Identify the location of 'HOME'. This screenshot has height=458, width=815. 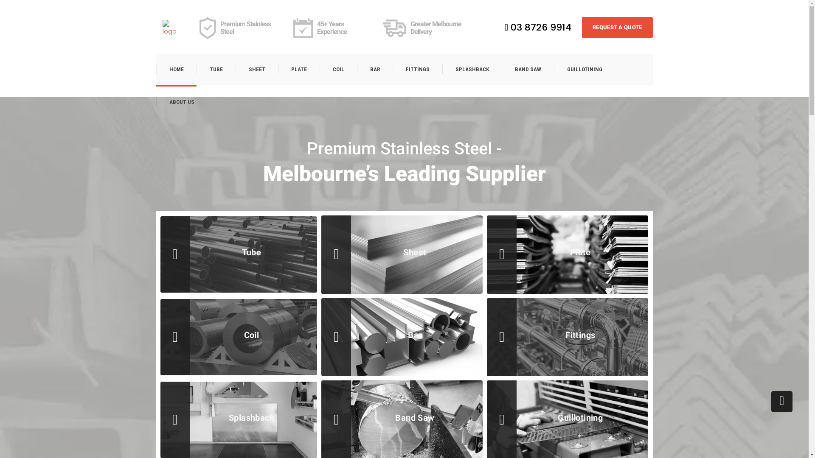
(176, 69).